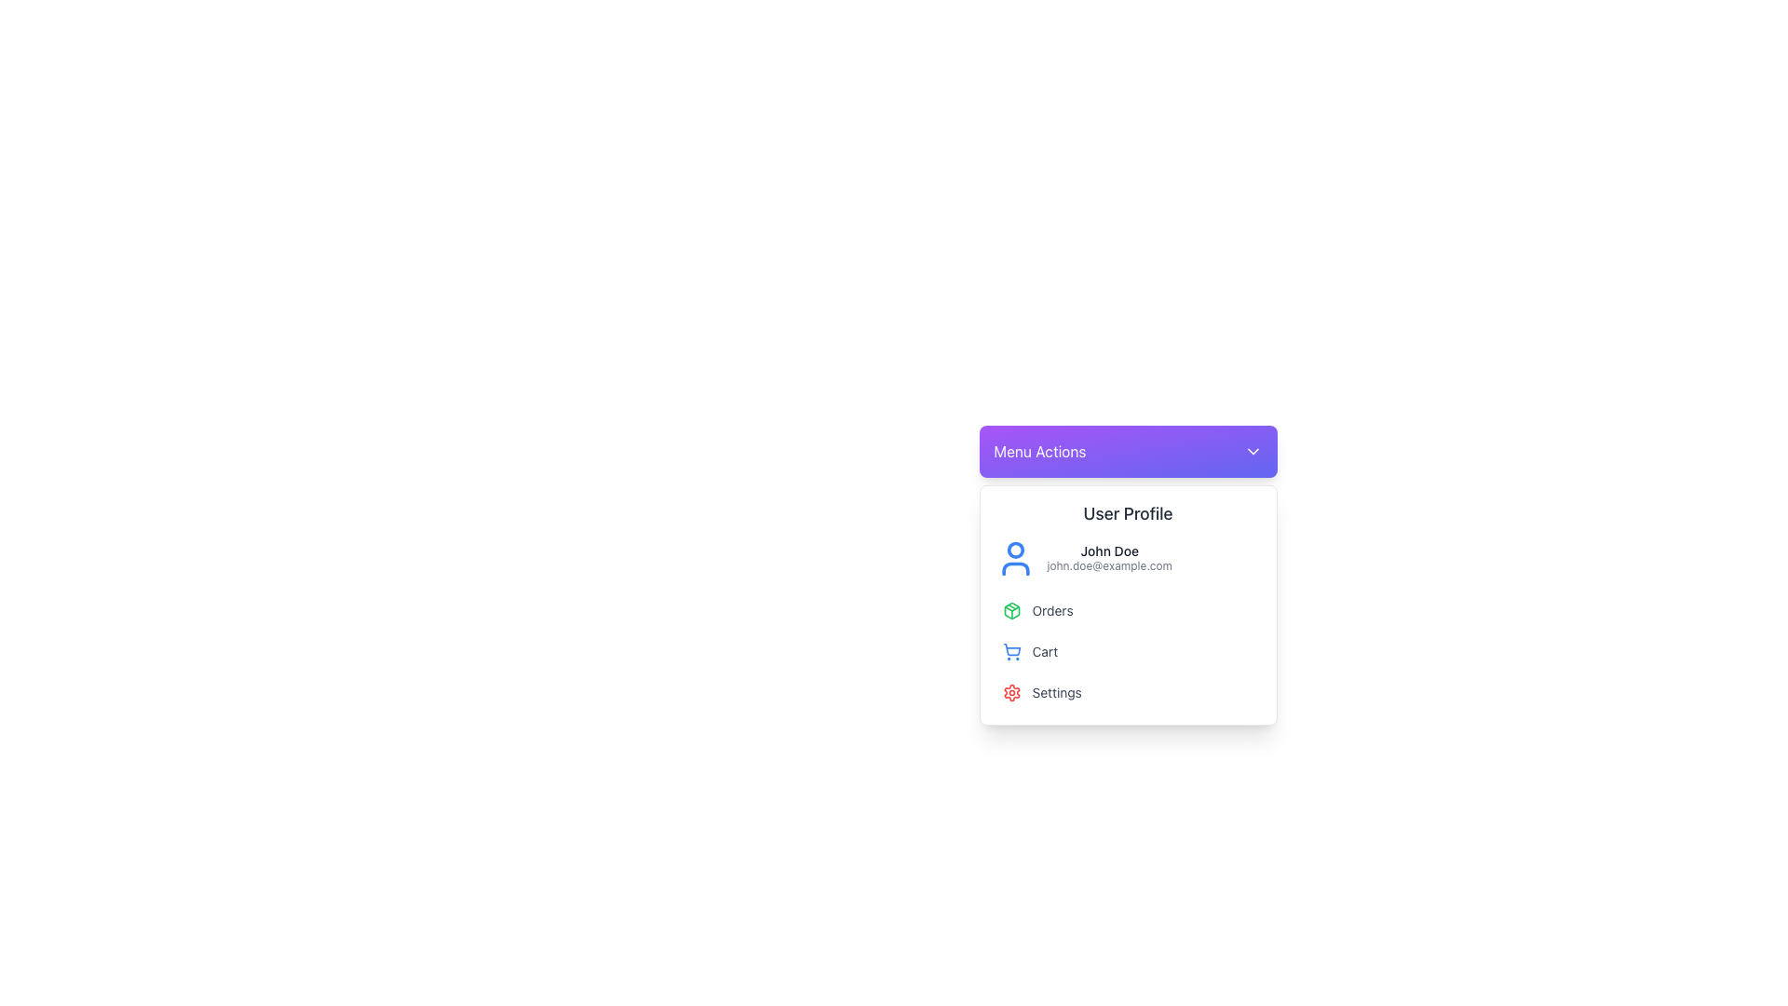  What do you see at coordinates (1127, 693) in the screenshot?
I see `the 'Settings' button, which is a red gear icon followed by the text 'Settings', located at the bottom of the user profile dropdown menu to trigger a visual hover effect` at bounding box center [1127, 693].